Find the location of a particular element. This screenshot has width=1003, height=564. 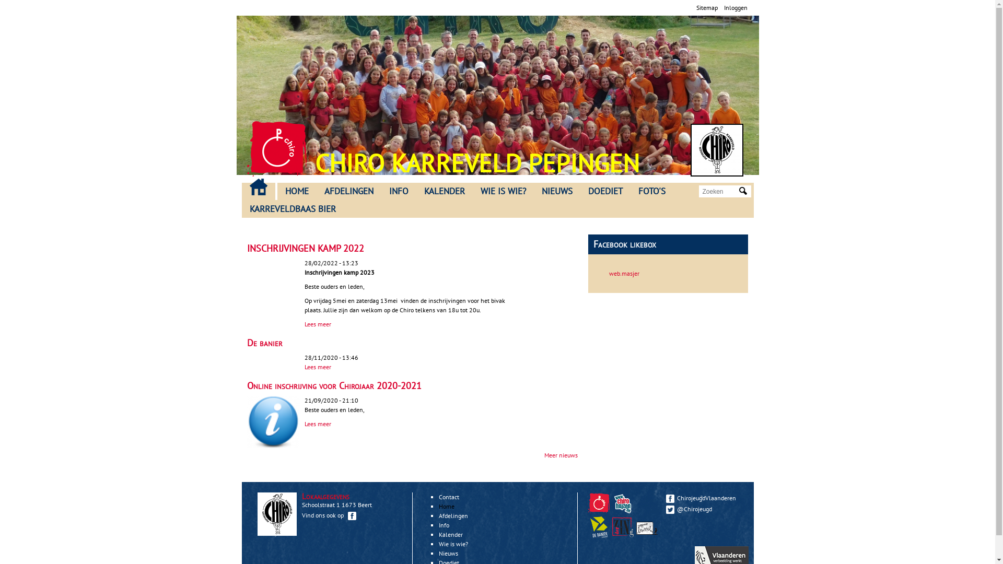

'Geef de woorden op waarnaar u wilt zoeken.' is located at coordinates (719, 191).